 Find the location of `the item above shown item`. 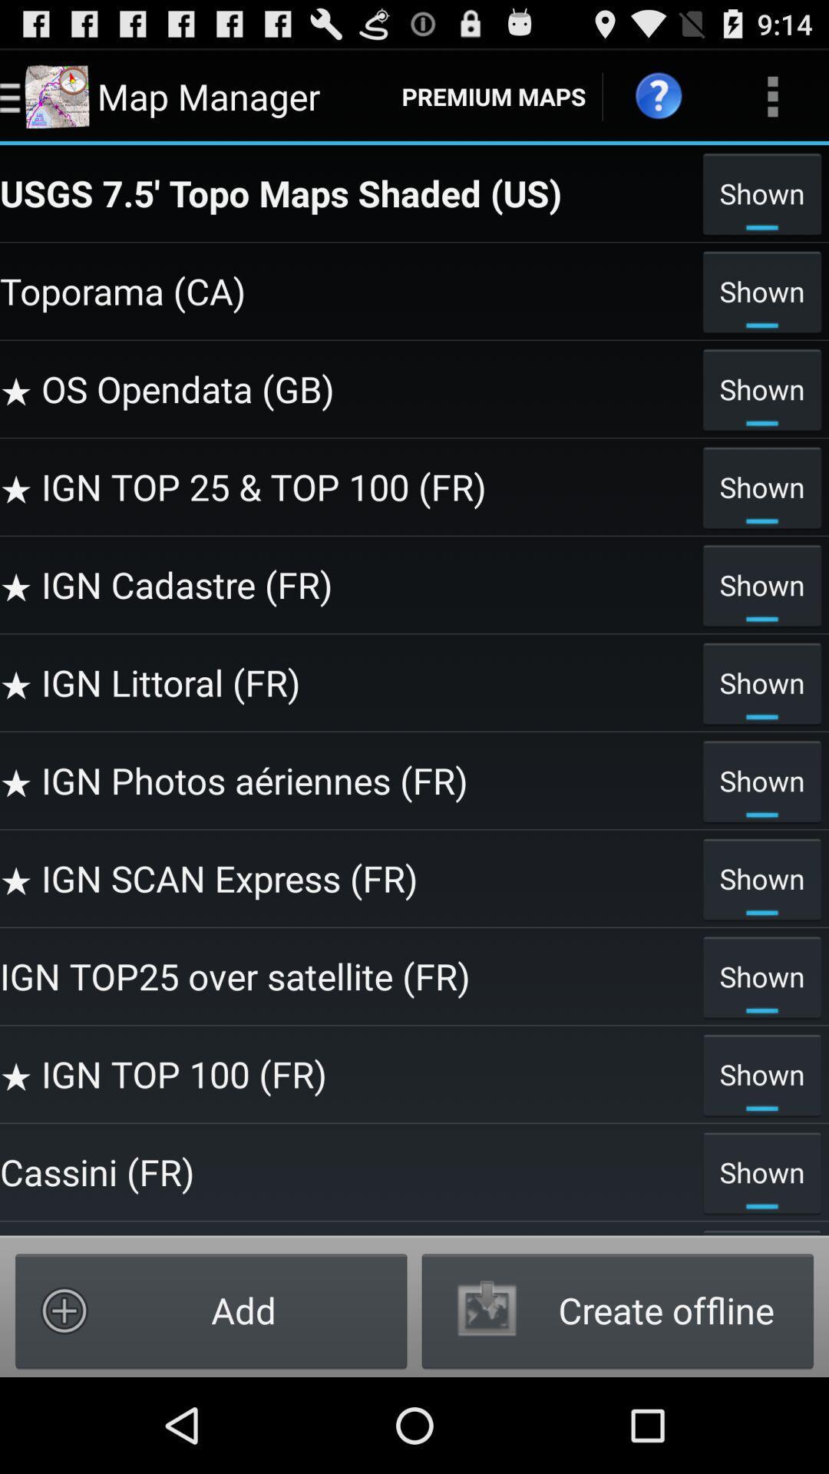

the item above shown item is located at coordinates (347, 878).